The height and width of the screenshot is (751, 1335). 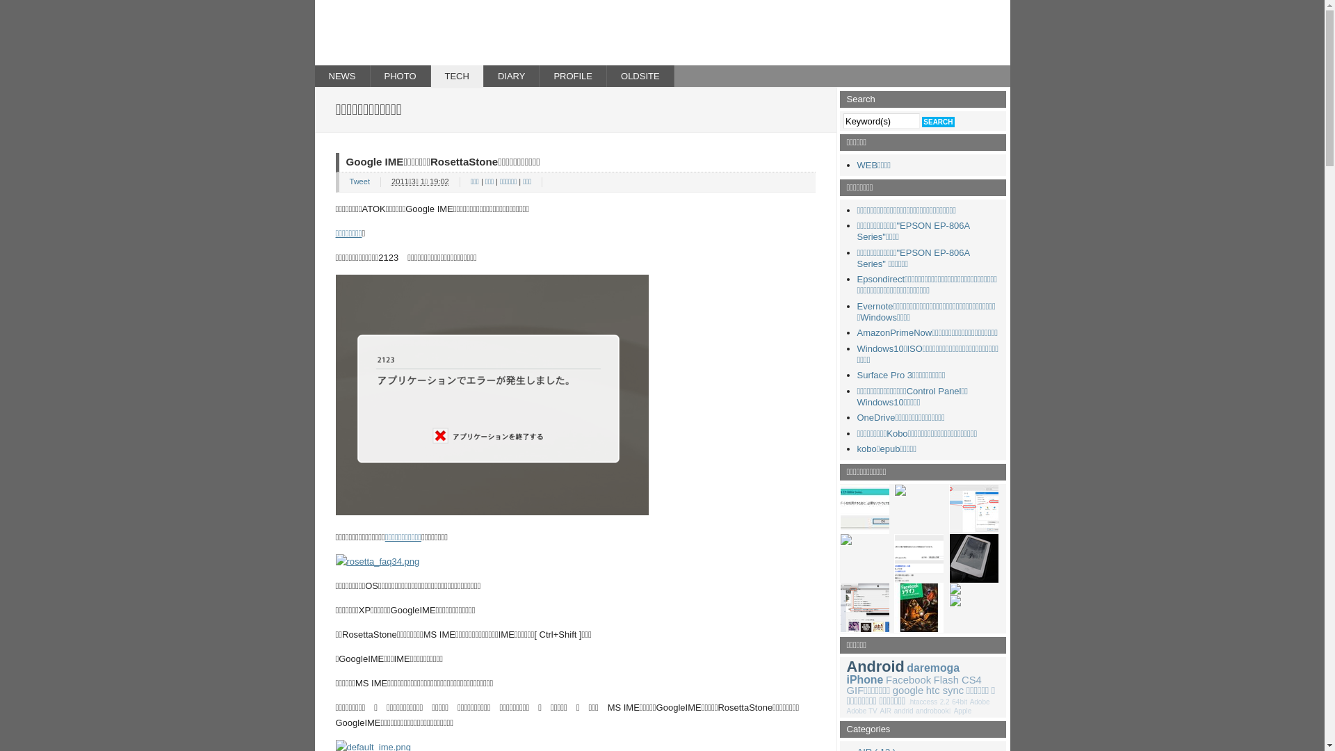 I want to click on '.htaccess', so click(x=922, y=702).